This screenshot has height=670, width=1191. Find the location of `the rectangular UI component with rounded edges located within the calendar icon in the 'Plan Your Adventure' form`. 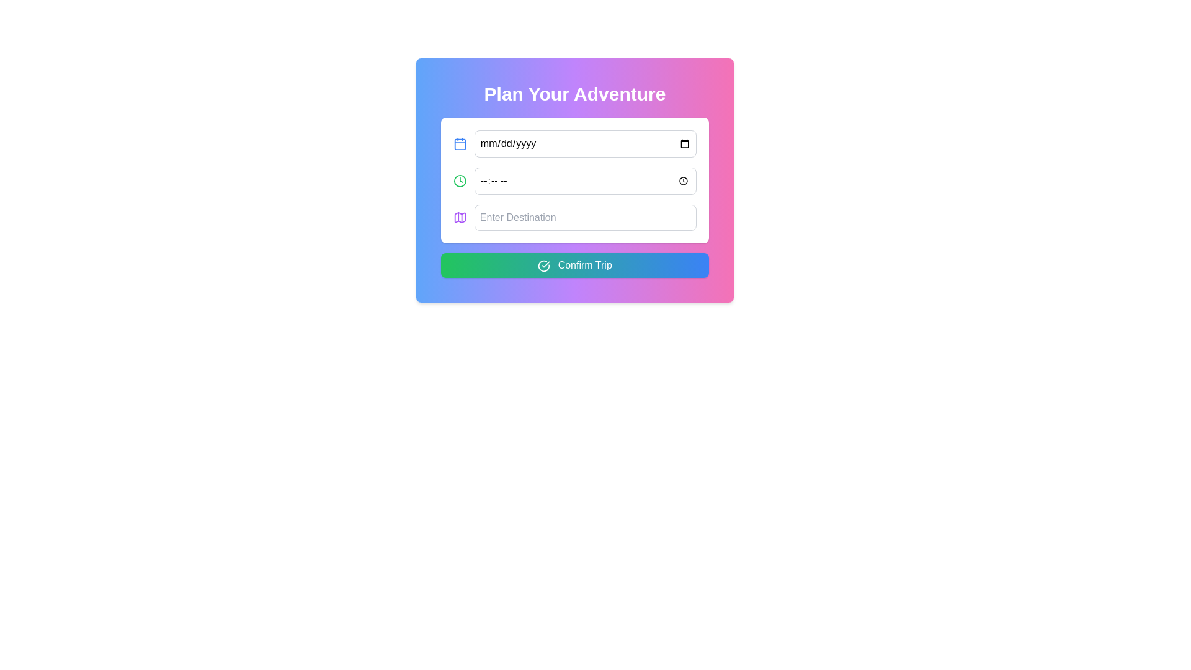

the rectangular UI component with rounded edges located within the calendar icon in the 'Plan Your Adventure' form is located at coordinates (459, 143).